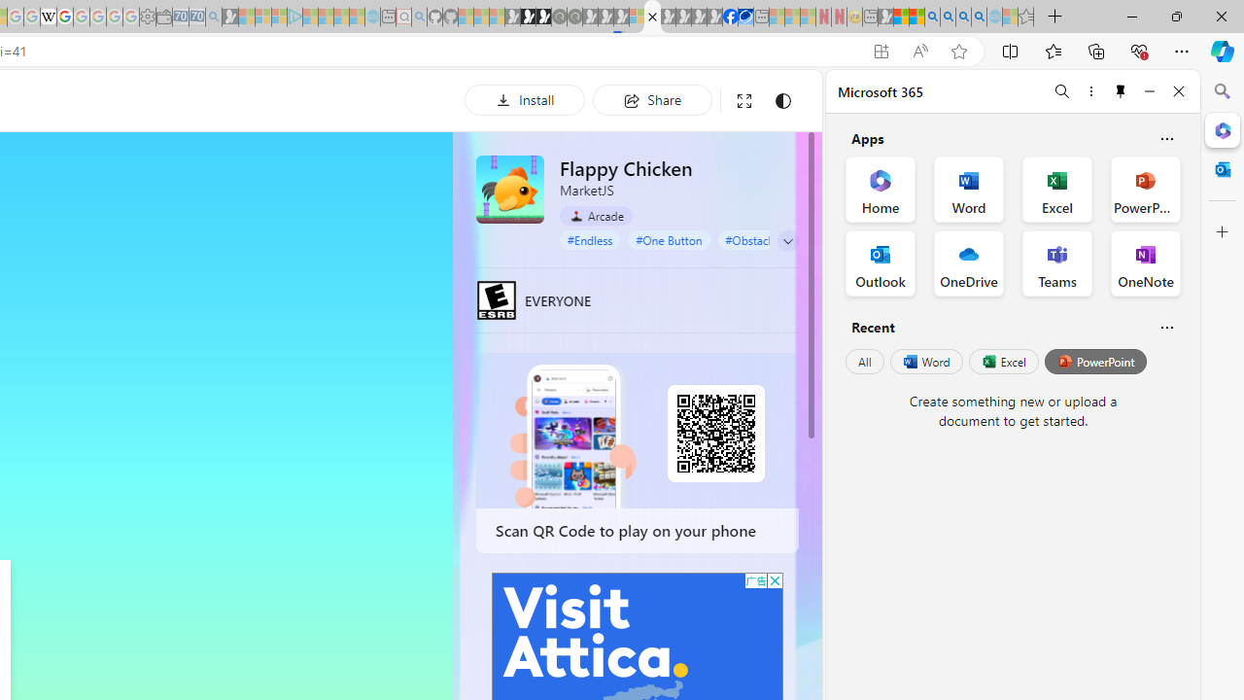  What do you see at coordinates (669, 238) in the screenshot?
I see `'#One Button'` at bounding box center [669, 238].